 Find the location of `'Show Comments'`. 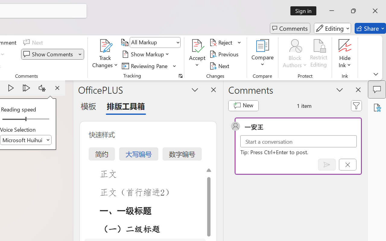

'Show Comments' is located at coordinates (49, 54).